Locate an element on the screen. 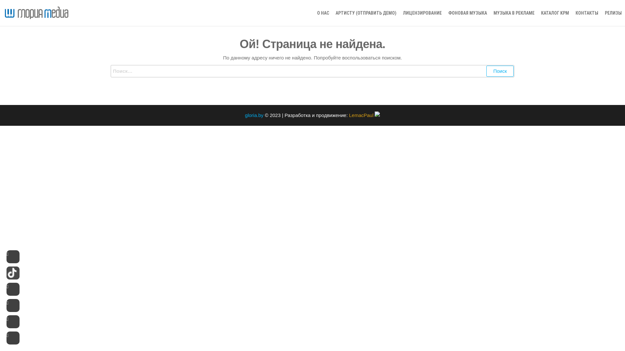 The height and width of the screenshot is (351, 625). 'LemacPaul' is located at coordinates (364, 115).